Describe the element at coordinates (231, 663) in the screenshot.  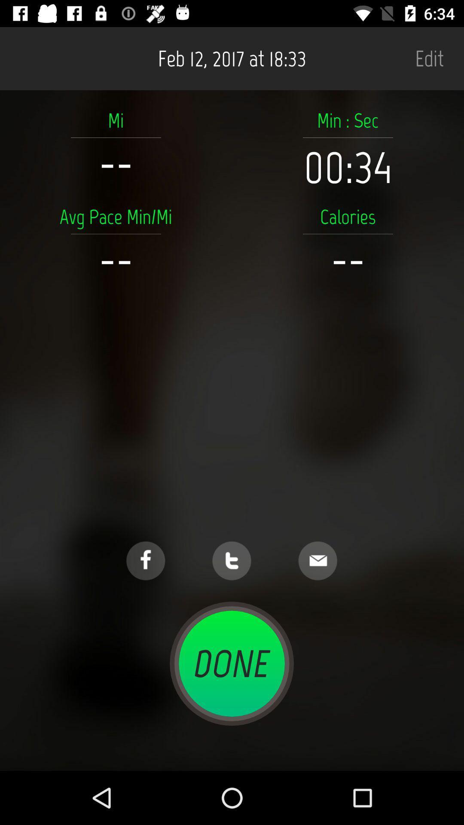
I see `done icon` at that location.